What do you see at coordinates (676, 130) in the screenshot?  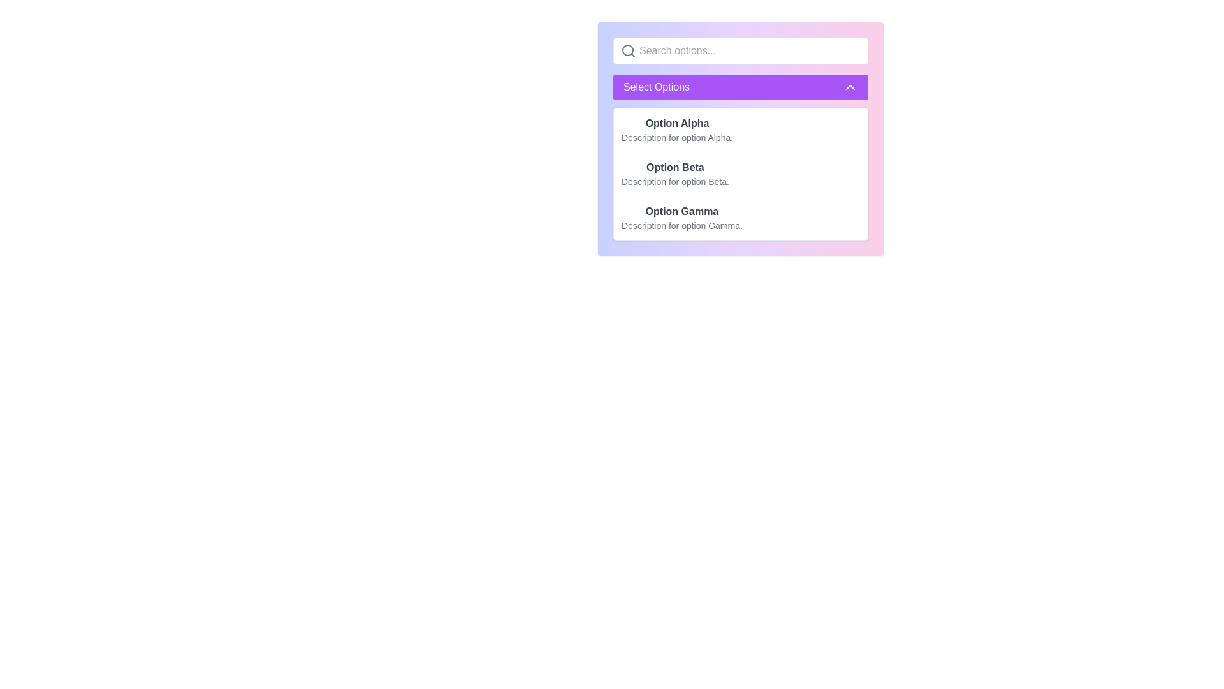 I see `the first list item labeled 'Option Alpha'` at bounding box center [676, 130].